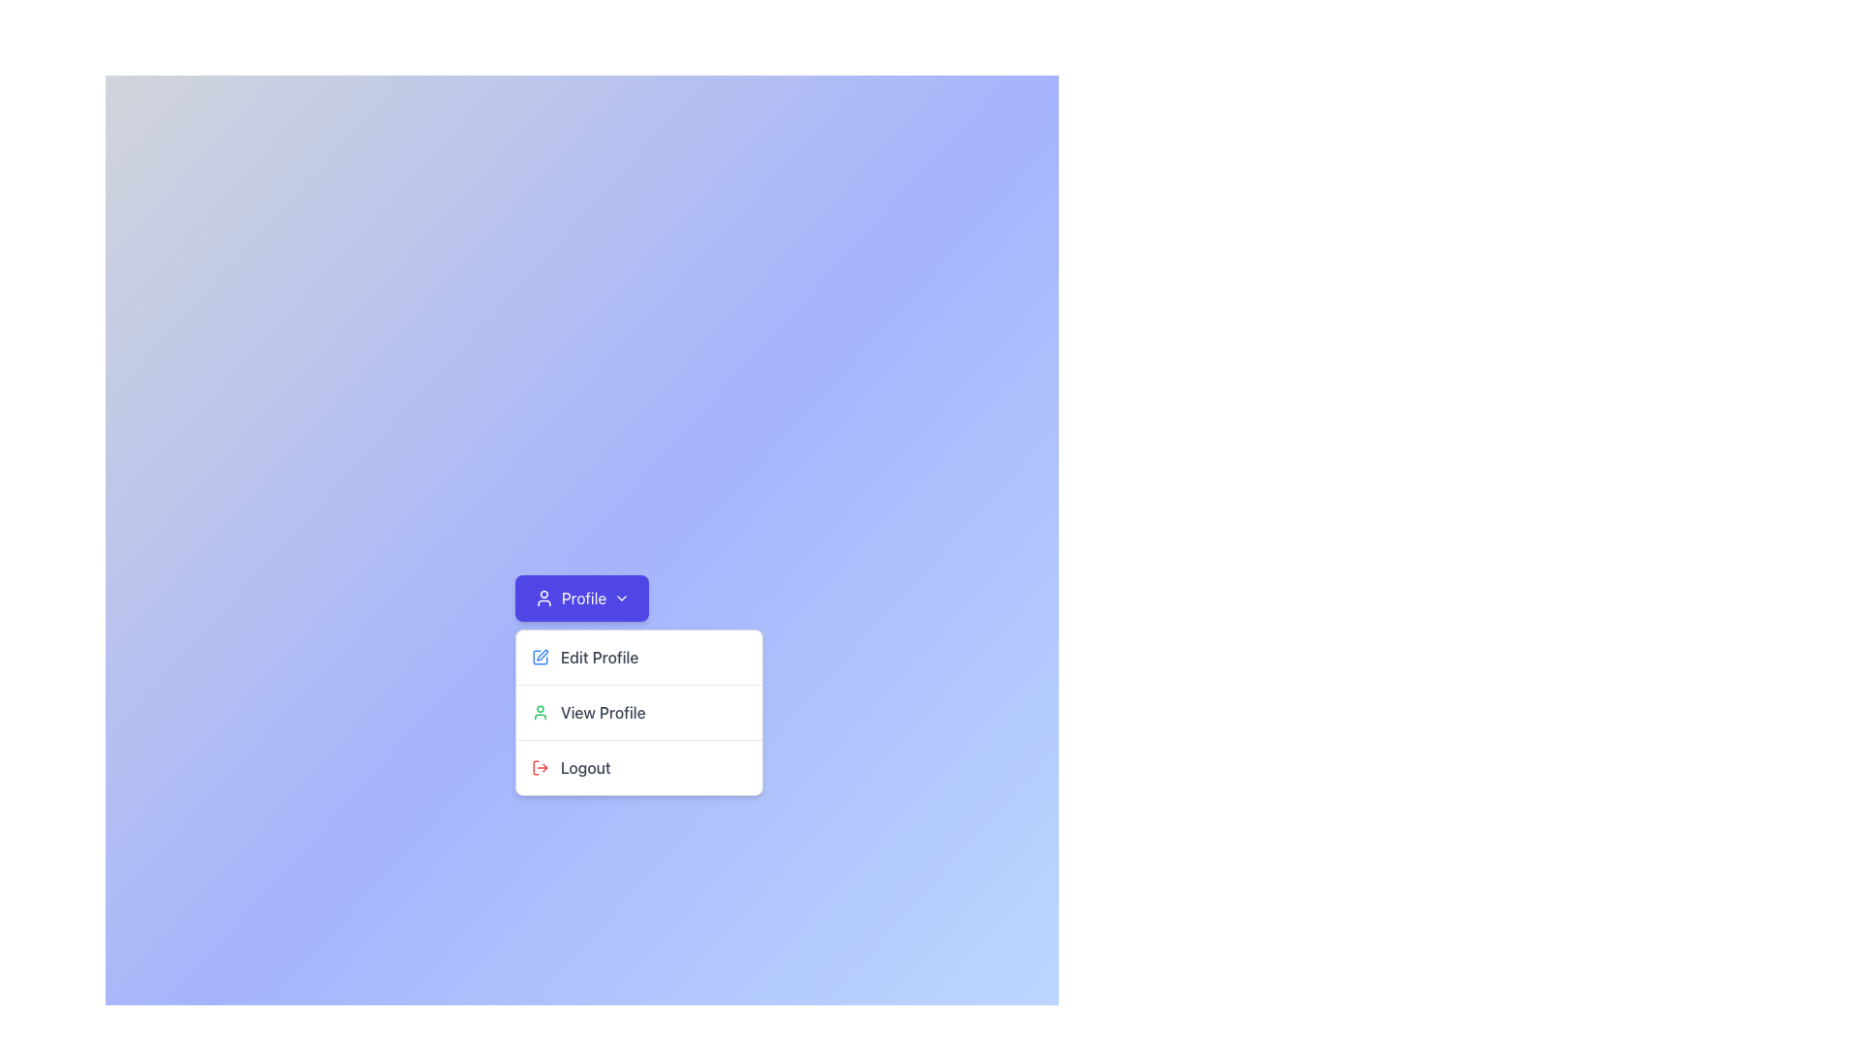  What do you see at coordinates (599, 656) in the screenshot?
I see `the interactive text label for editing the user's profile located in the dropdown menu under the 'Profile' section, which is the first option in the list` at bounding box center [599, 656].